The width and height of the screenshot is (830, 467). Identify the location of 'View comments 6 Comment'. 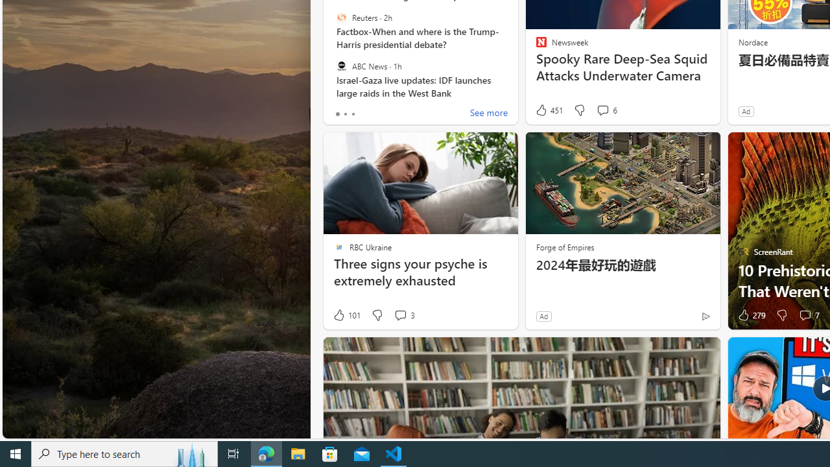
(602, 109).